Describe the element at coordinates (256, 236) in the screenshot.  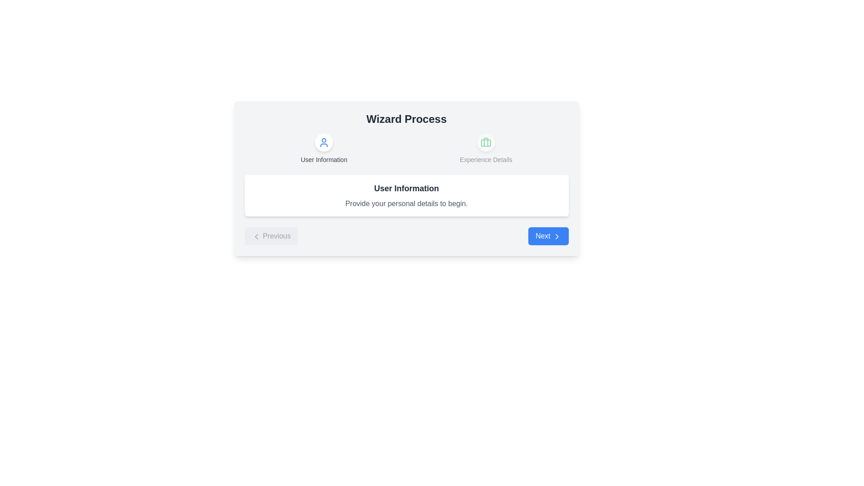
I see `the left-pointing arrow icon located to the left of the 'Previous' button` at that location.